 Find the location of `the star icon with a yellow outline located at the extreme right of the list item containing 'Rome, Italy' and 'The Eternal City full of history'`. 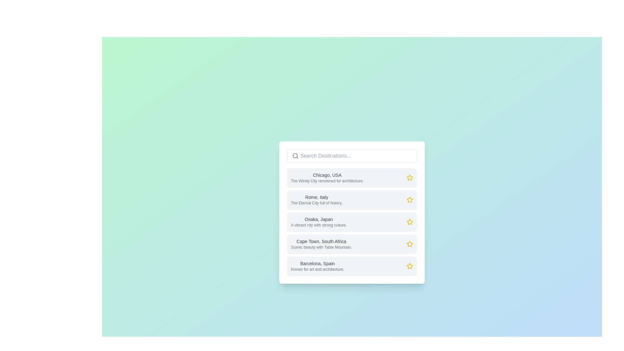

the star icon with a yellow outline located at the extreme right of the list item containing 'Rome, Italy' and 'The Eternal City full of history' is located at coordinates (409, 199).